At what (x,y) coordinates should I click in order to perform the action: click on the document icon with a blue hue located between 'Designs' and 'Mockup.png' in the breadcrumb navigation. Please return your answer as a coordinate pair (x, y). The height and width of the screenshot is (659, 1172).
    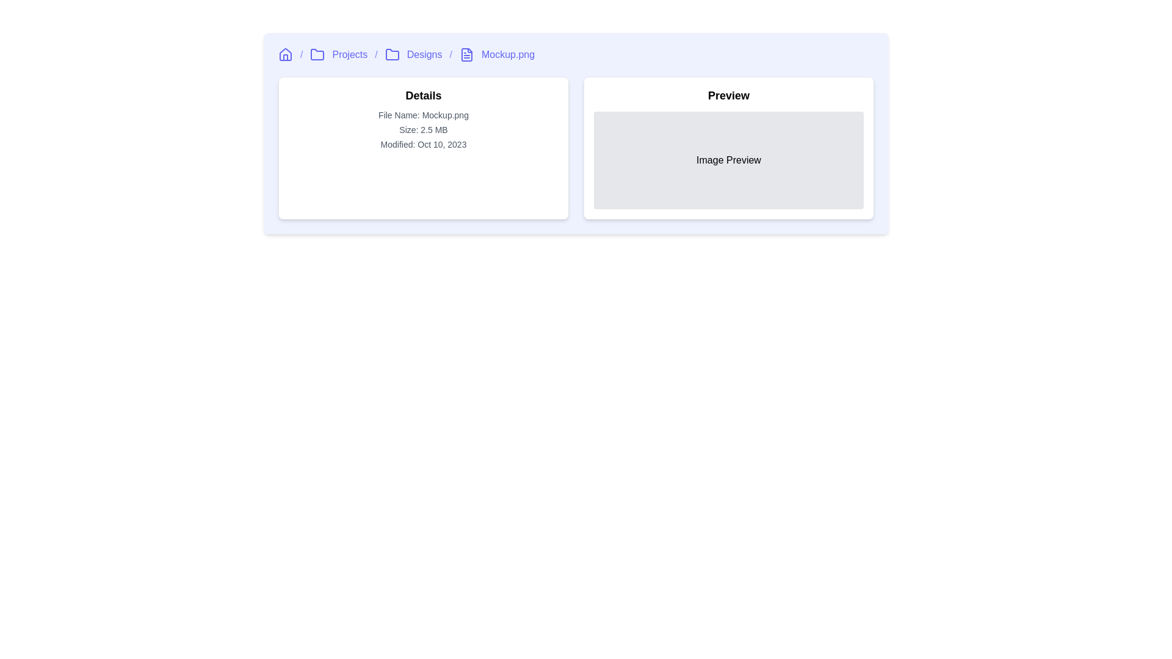
    Looking at the image, I should click on (466, 54).